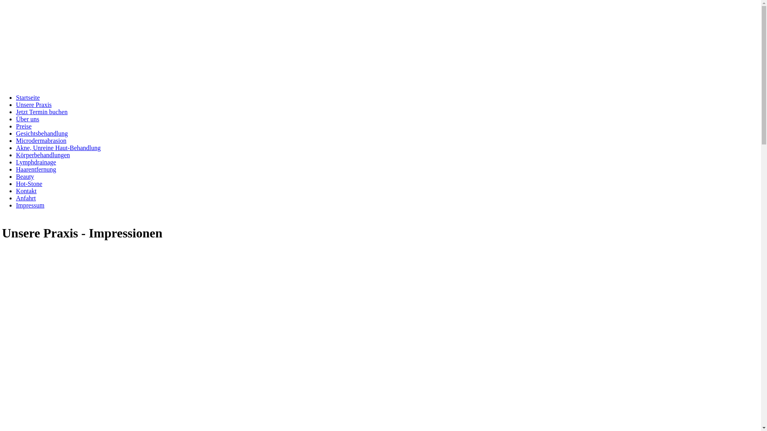 This screenshot has width=767, height=431. What do you see at coordinates (24, 126) in the screenshot?
I see `'Preise'` at bounding box center [24, 126].